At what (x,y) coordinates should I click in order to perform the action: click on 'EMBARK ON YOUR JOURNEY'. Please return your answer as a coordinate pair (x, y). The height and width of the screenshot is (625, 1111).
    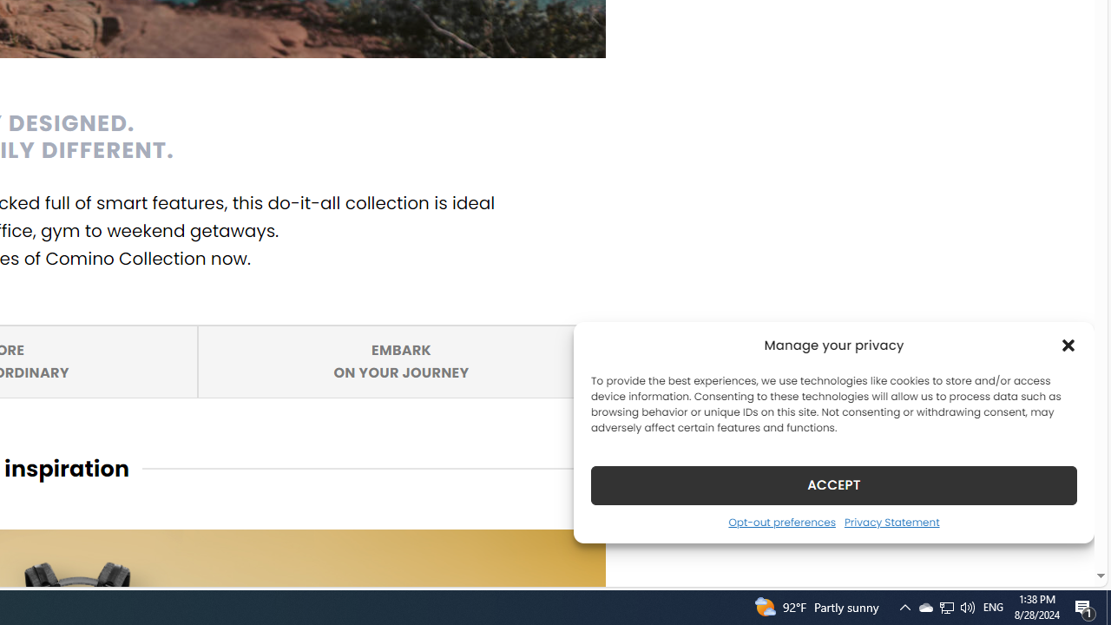
    Looking at the image, I should click on (400, 359).